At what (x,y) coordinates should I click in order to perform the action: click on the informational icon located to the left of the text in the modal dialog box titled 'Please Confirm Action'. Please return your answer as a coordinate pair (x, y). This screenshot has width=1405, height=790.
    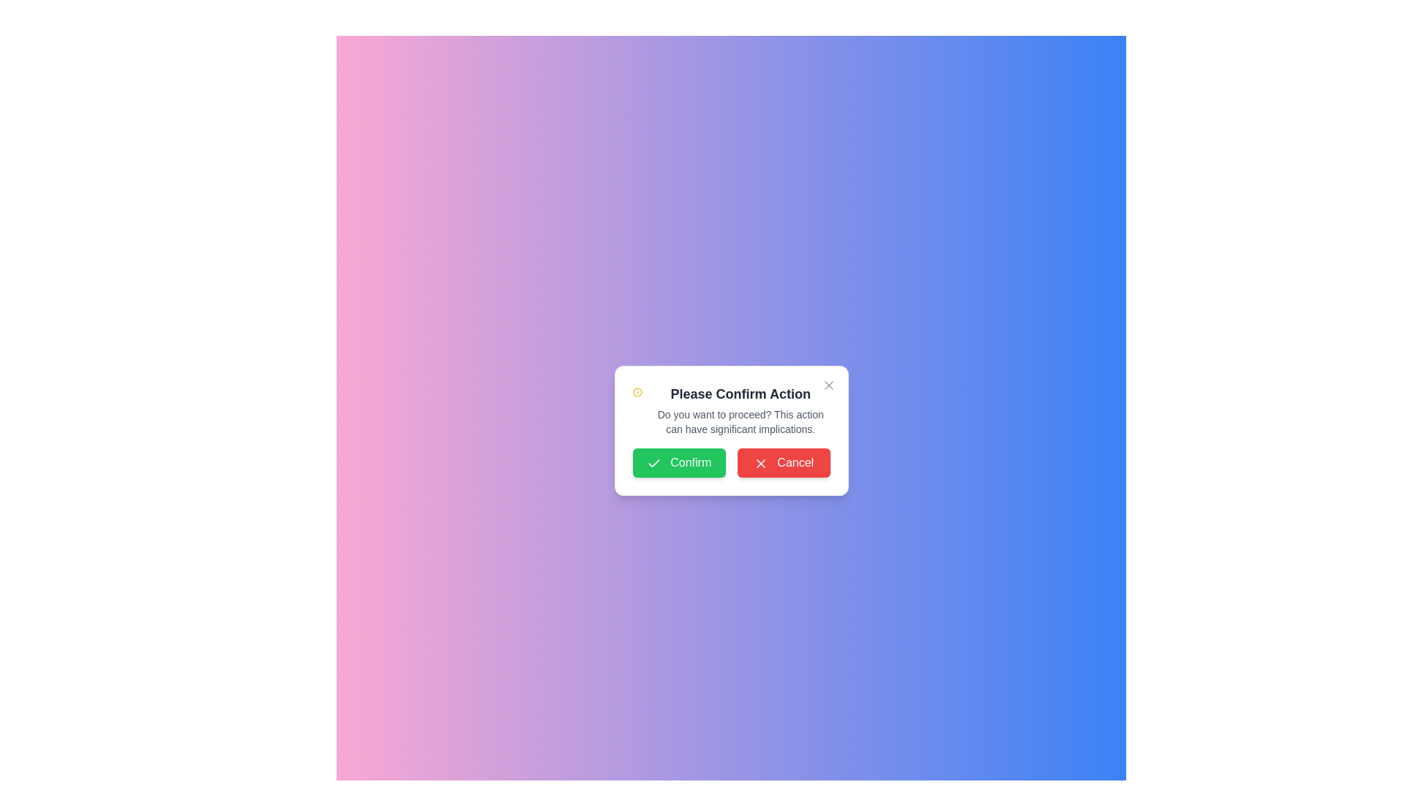
    Looking at the image, I should click on (637, 391).